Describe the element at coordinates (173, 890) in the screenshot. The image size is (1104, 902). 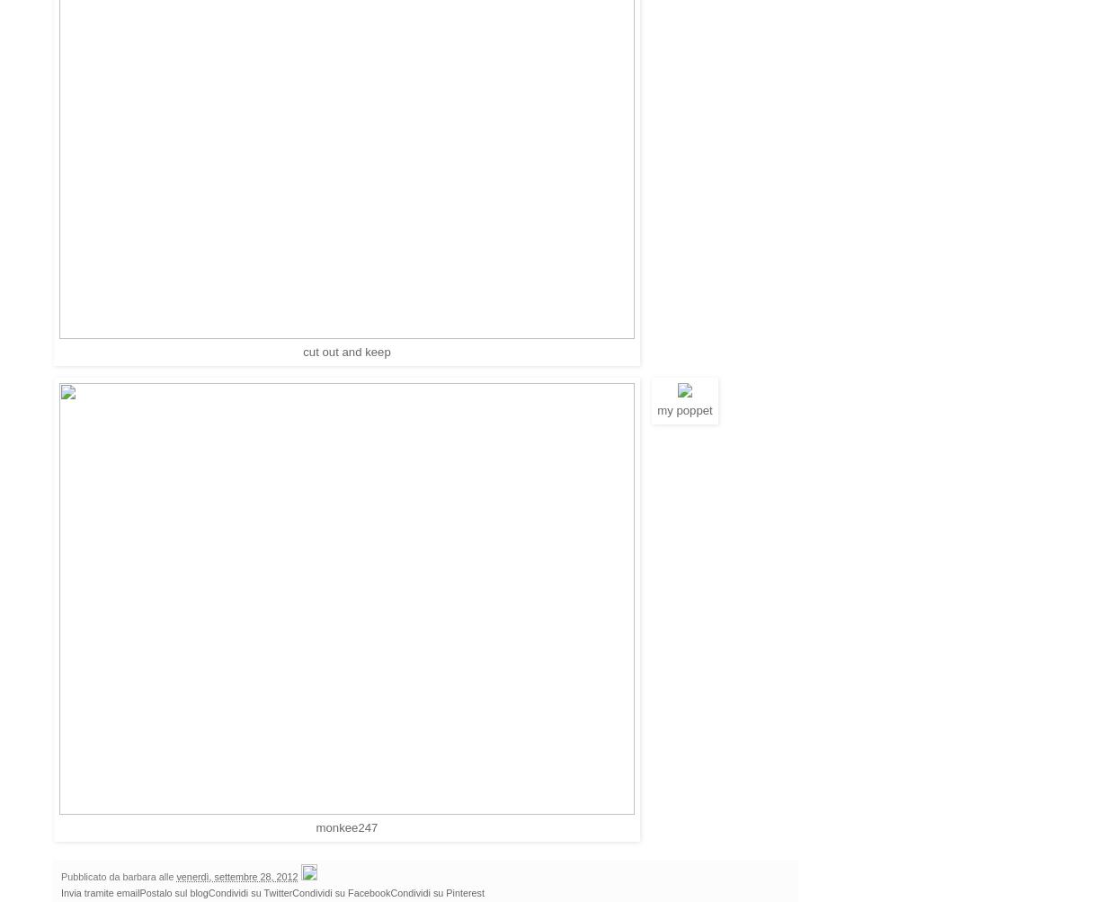
I see `'Postalo sul blog'` at that location.